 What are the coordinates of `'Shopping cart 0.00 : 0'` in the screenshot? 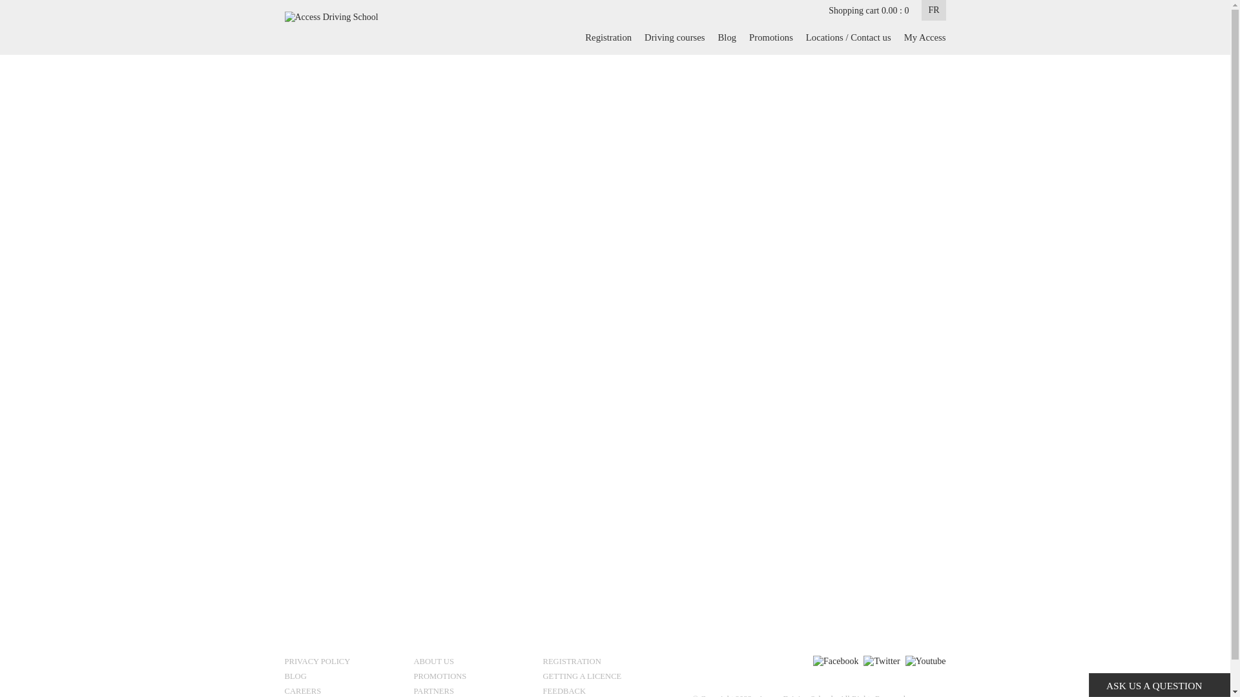 It's located at (868, 10).